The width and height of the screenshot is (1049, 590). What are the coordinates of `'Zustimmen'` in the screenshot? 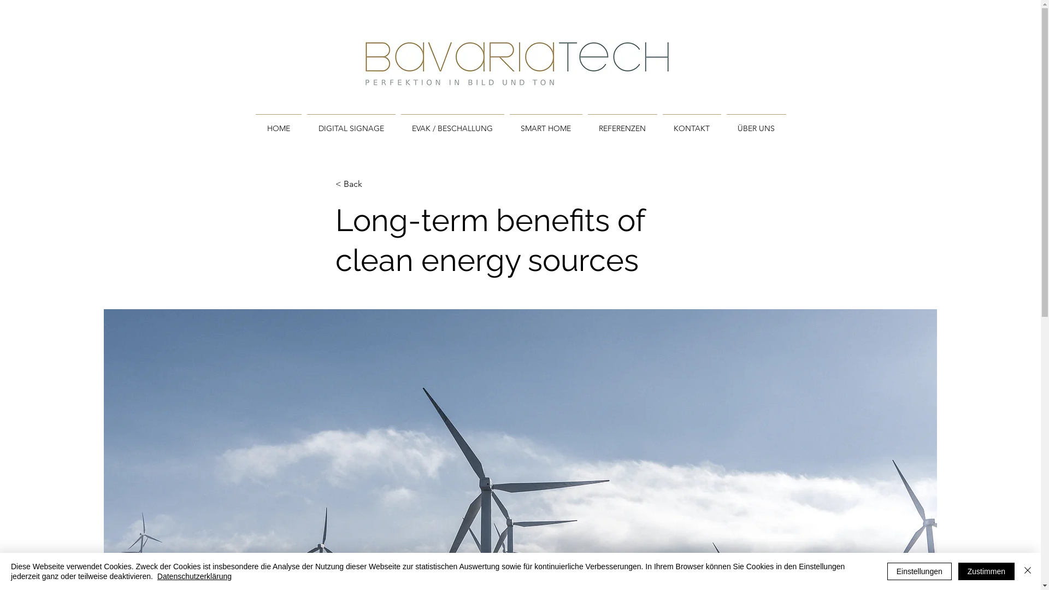 It's located at (986, 570).